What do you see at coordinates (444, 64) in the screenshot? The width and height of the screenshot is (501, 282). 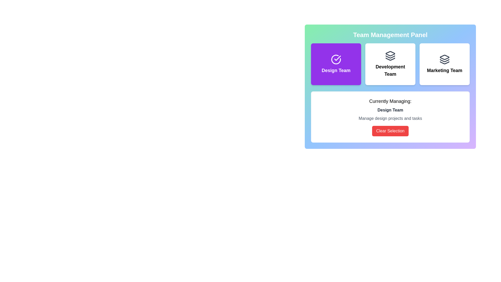 I see `the 'Marketing Team' label, which is styled with a bold font and positioned beneath an icon representing stacked layers in the third team card` at bounding box center [444, 64].